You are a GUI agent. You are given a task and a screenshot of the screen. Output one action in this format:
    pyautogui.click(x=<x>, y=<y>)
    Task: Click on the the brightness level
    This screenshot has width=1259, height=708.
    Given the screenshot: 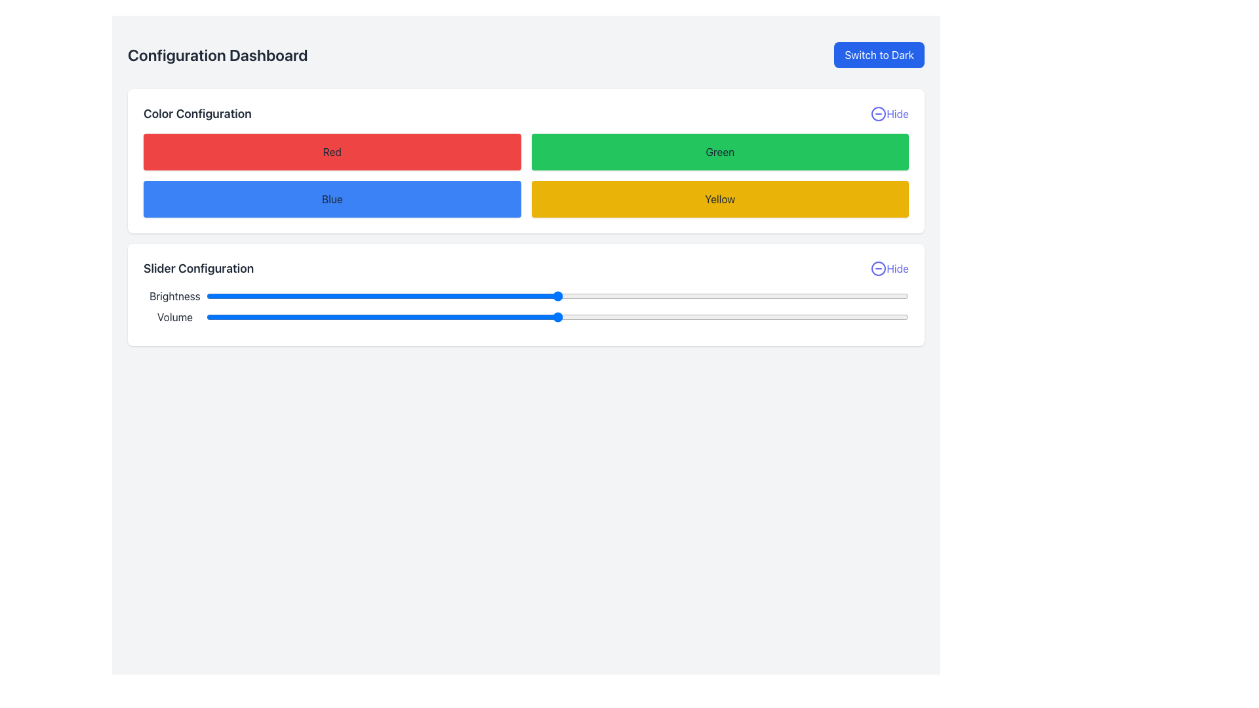 What is the action you would take?
    pyautogui.click(x=290, y=296)
    